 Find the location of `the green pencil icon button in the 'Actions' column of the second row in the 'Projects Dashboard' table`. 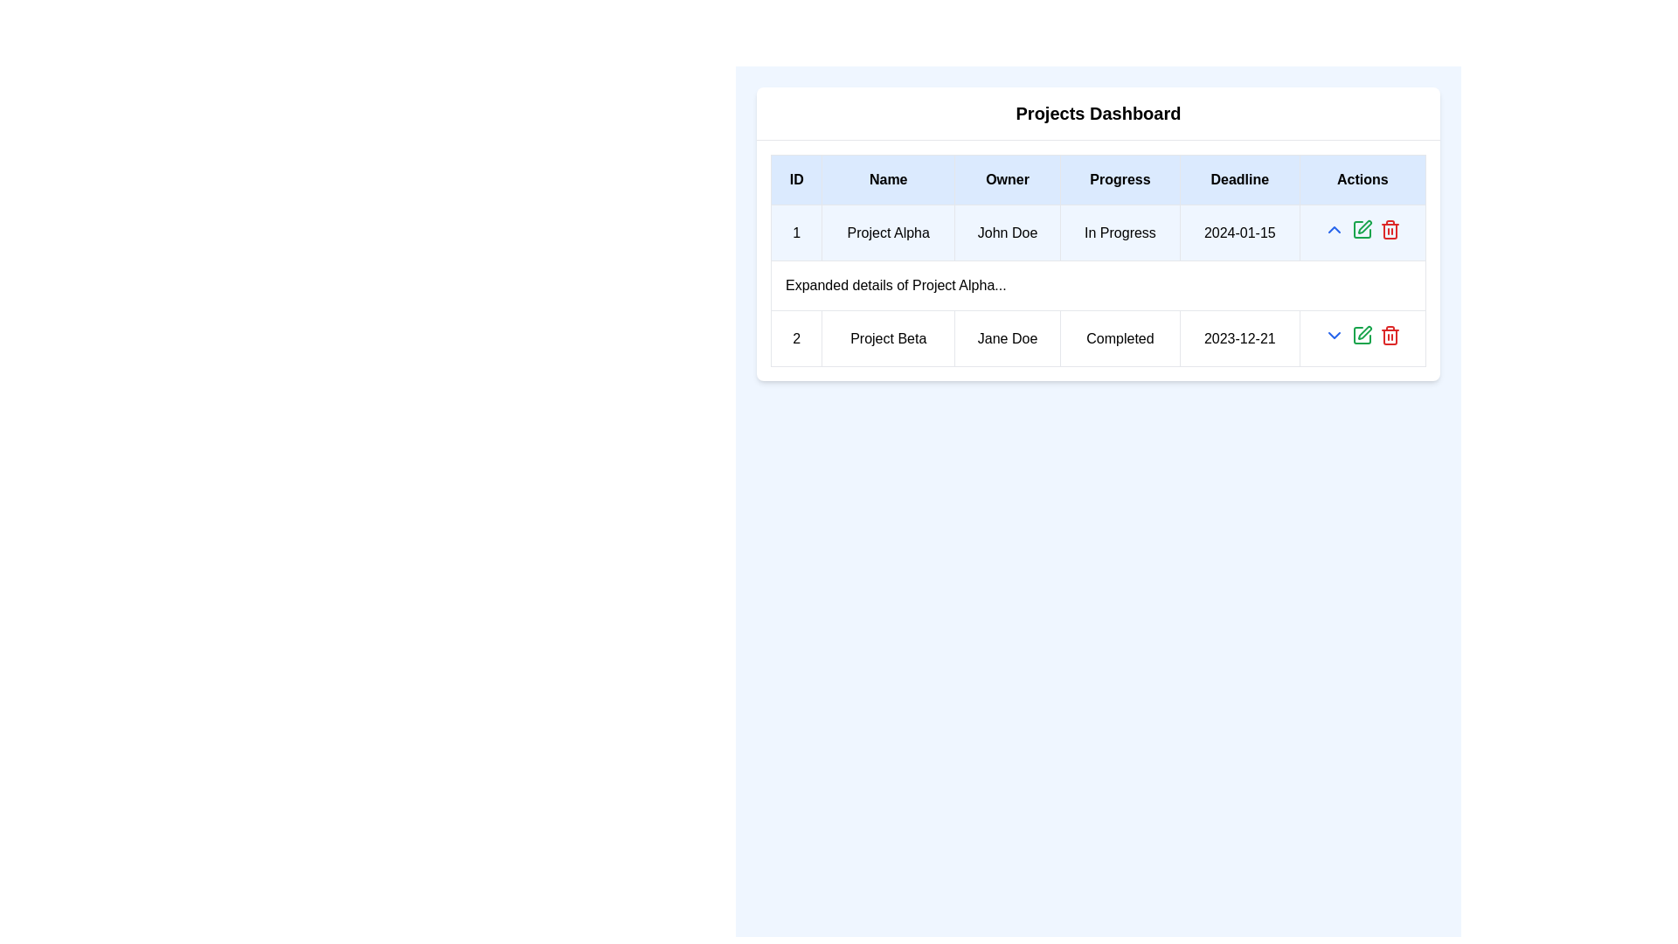

the green pencil icon button in the 'Actions' column of the second row in the 'Projects Dashboard' table is located at coordinates (1362, 336).